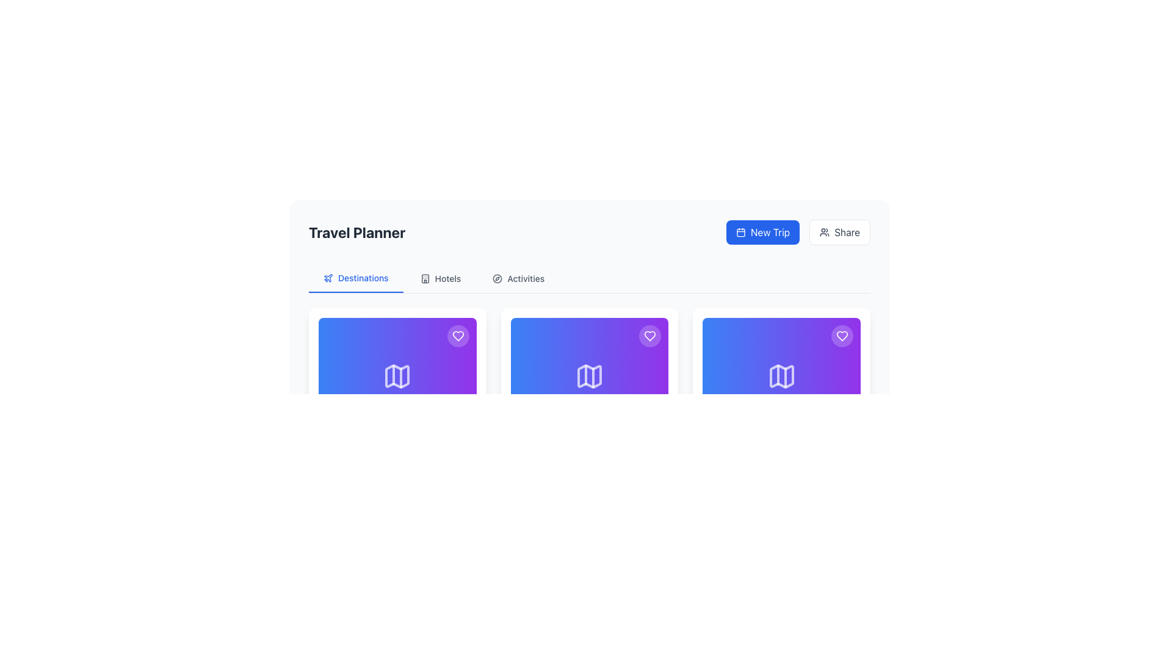  I want to click on the map-related icon embedded within the interactive card located in the center of the second card under the 'Destinations' tab, so click(589, 376).